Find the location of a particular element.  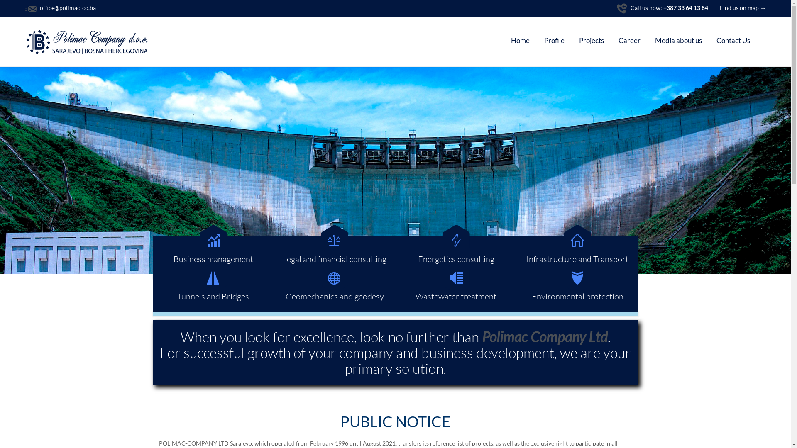

'Projects' is located at coordinates (591, 41).